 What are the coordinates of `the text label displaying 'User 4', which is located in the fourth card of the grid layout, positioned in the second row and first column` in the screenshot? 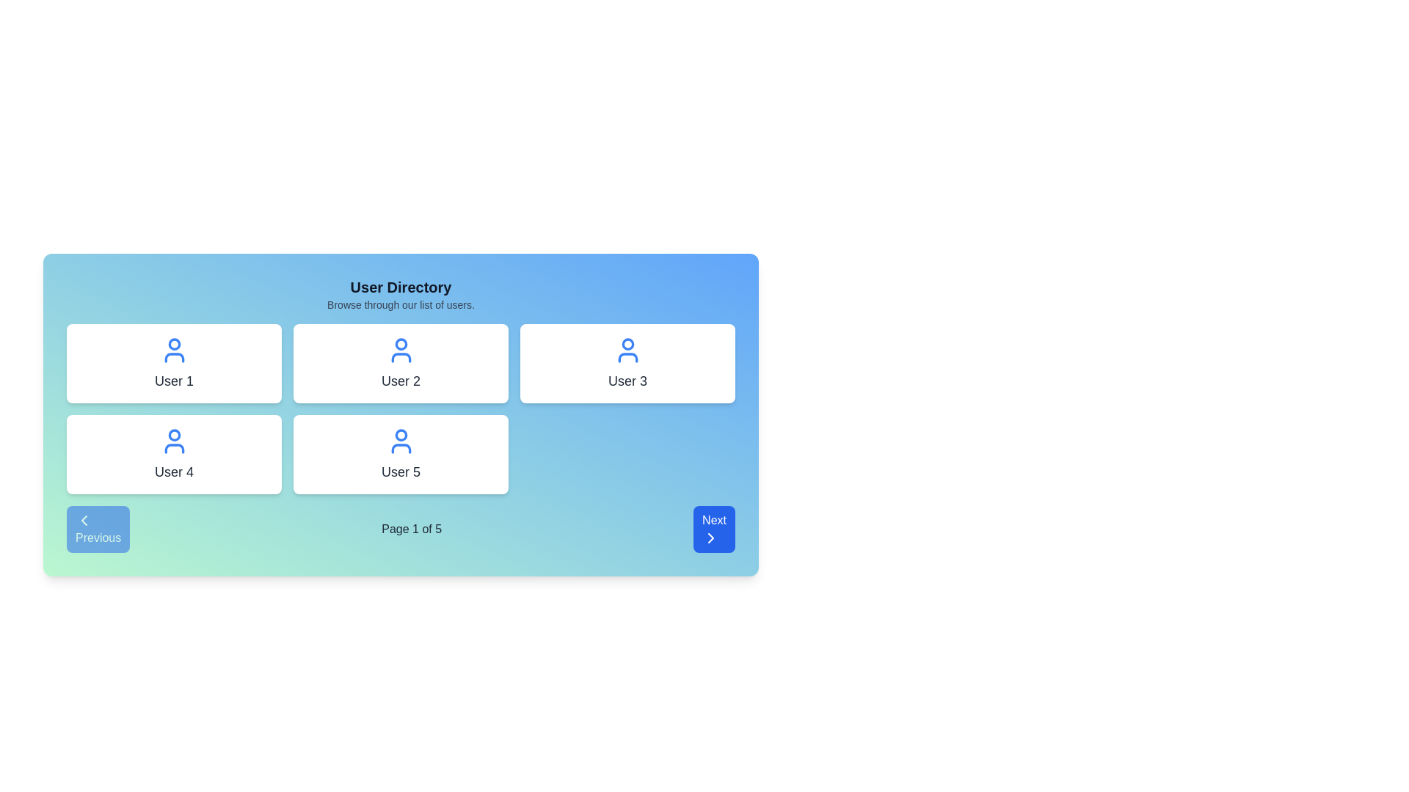 It's located at (174, 472).